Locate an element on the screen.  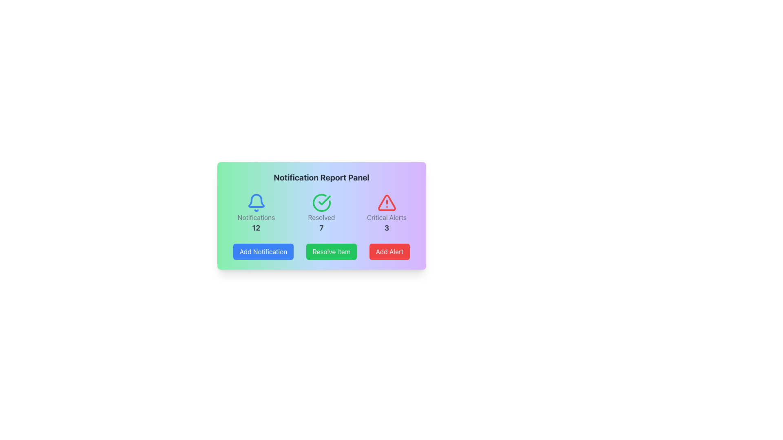
numerical indicator text representing the count of notifications located below the 'Notifications' text and bell icon in the Notification Report Panel is located at coordinates (256, 228).